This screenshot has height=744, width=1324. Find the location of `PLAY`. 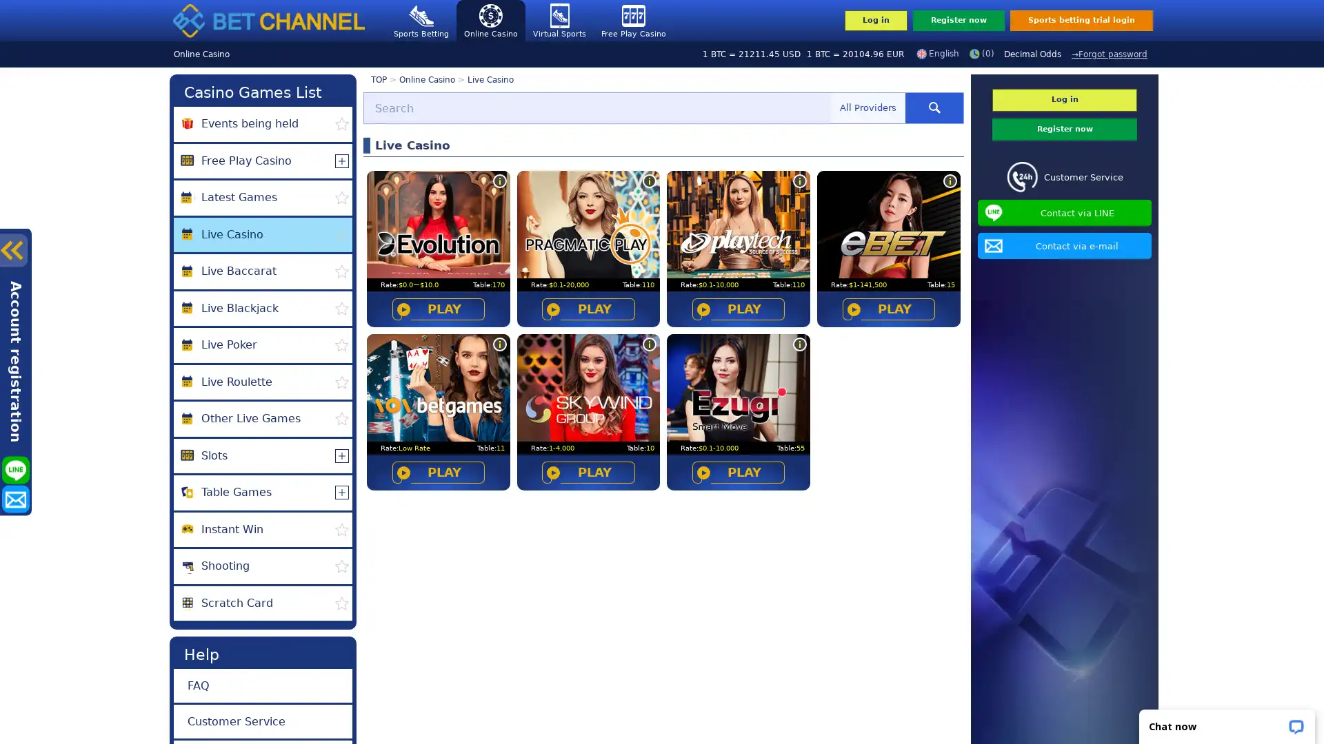

PLAY is located at coordinates (437, 308).